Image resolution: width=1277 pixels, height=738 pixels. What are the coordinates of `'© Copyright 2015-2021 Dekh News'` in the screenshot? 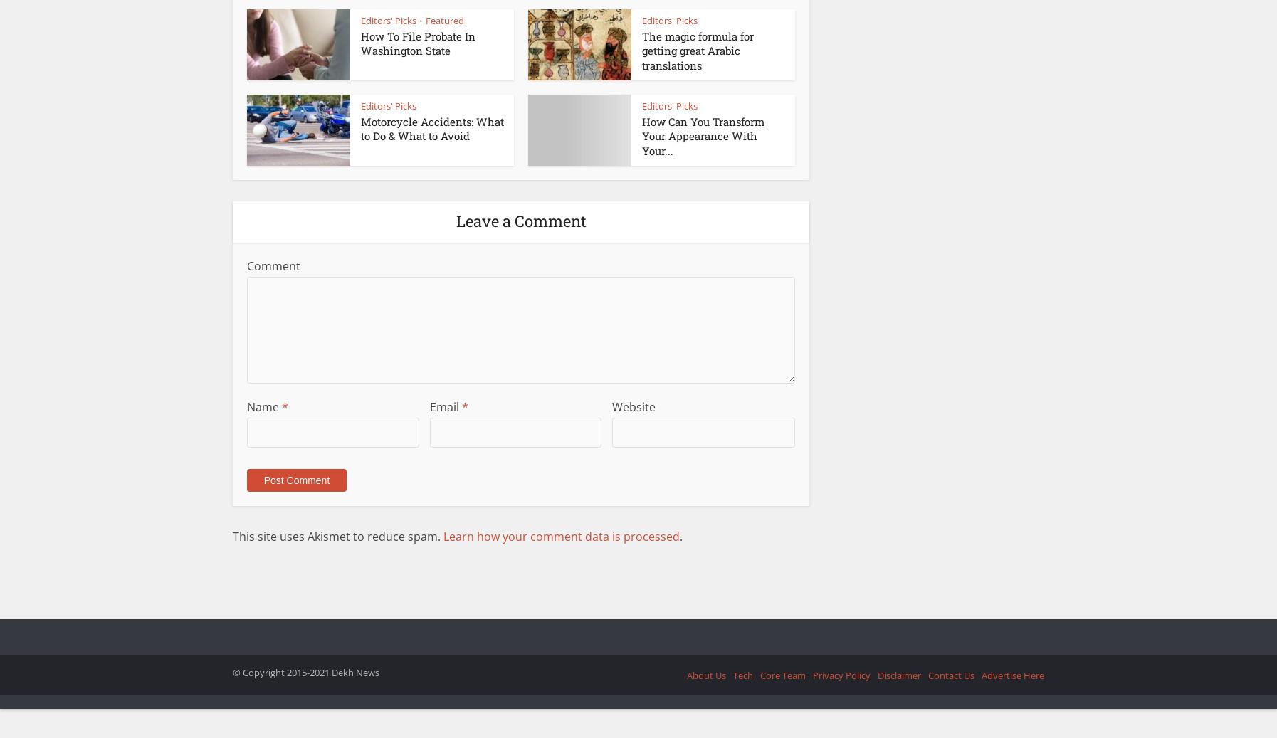 It's located at (305, 671).